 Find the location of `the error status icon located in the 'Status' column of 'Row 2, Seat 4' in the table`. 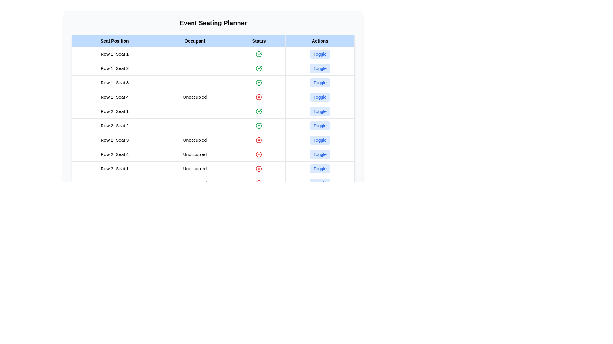

the error status icon located in the 'Status' column of 'Row 2, Seat 4' in the table is located at coordinates (259, 154).